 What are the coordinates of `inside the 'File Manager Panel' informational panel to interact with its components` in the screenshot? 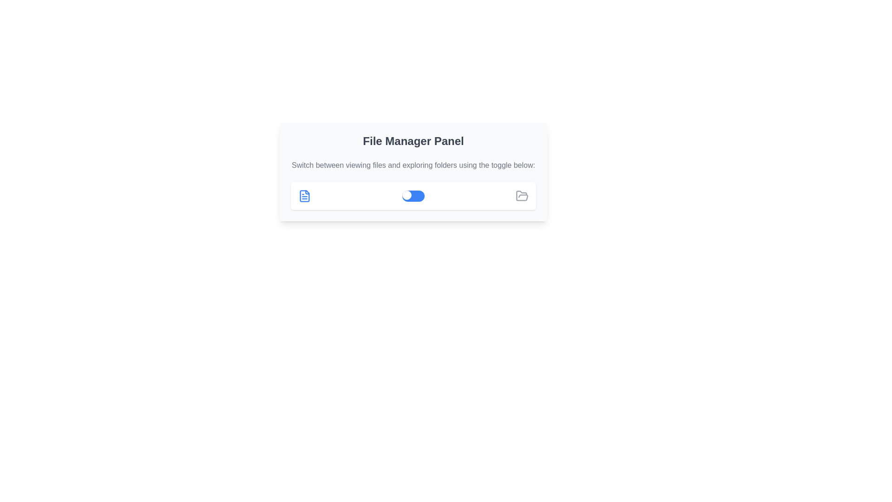 It's located at (413, 172).